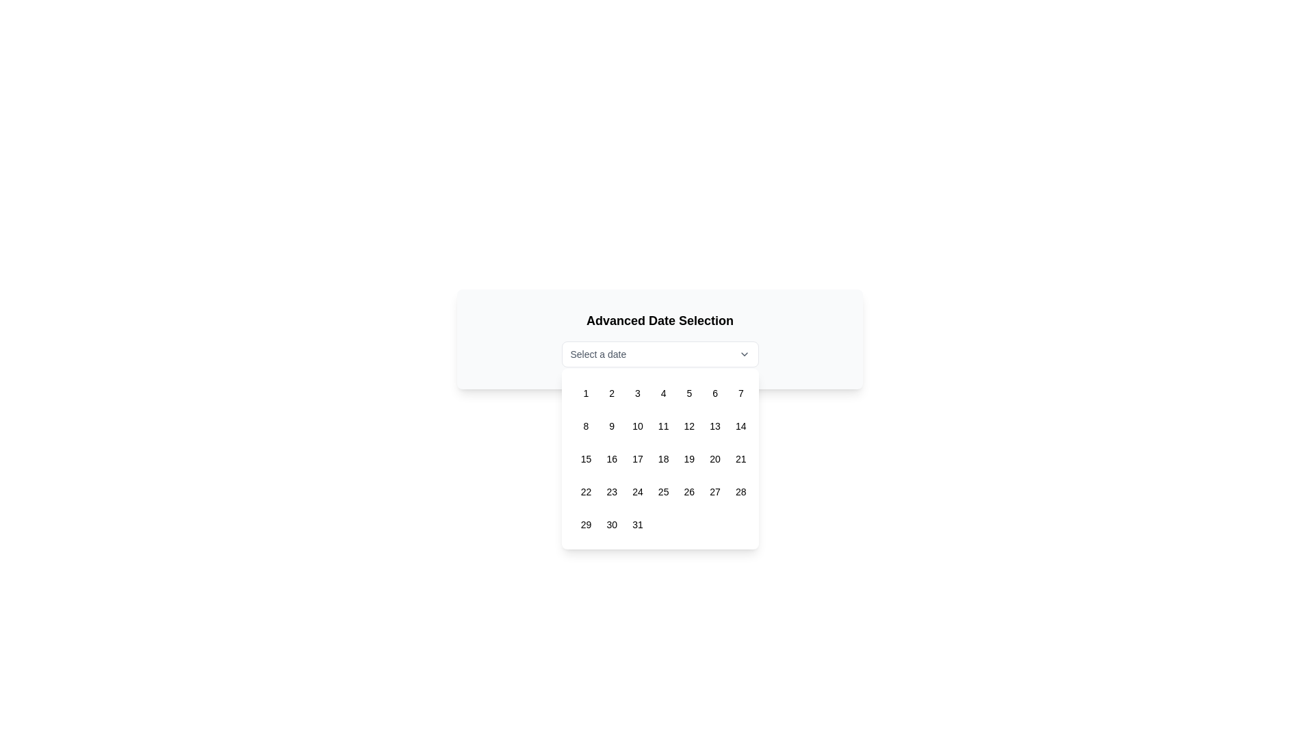  What do you see at coordinates (636, 426) in the screenshot?
I see `the rounded rectangular button displaying the number '10' in bold font` at bounding box center [636, 426].